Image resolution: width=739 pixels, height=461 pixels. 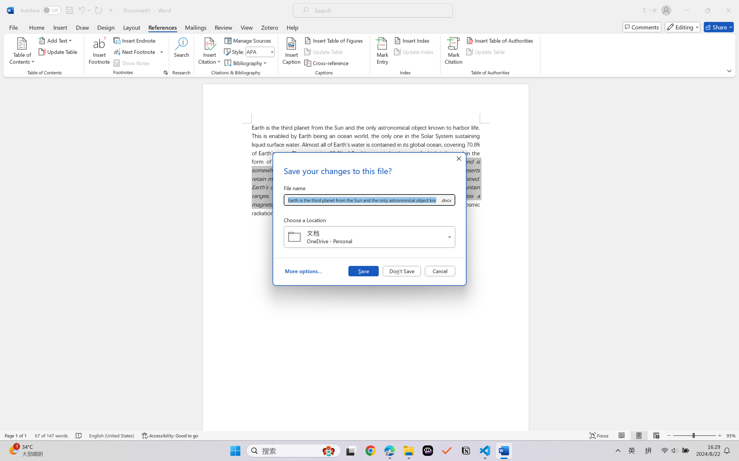 I want to click on 'Cross-reference...', so click(x=327, y=63).